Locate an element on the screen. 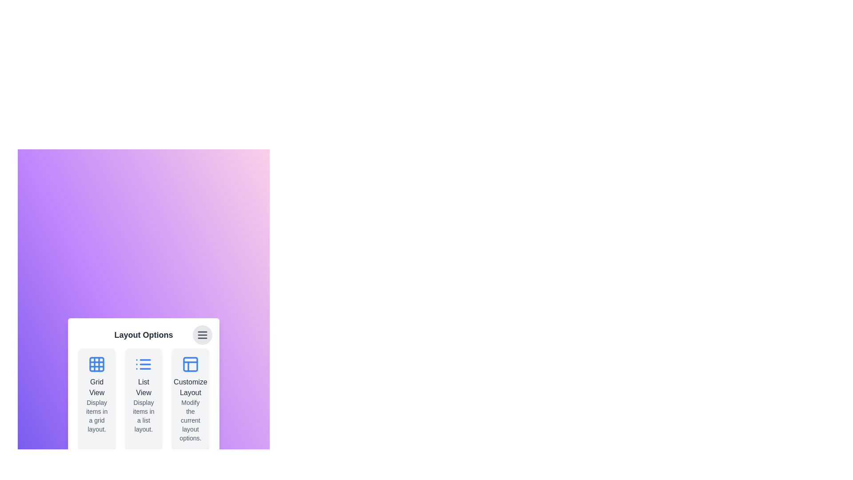 This screenshot has height=480, width=853. the menu button to highlight it is located at coordinates (202, 335).